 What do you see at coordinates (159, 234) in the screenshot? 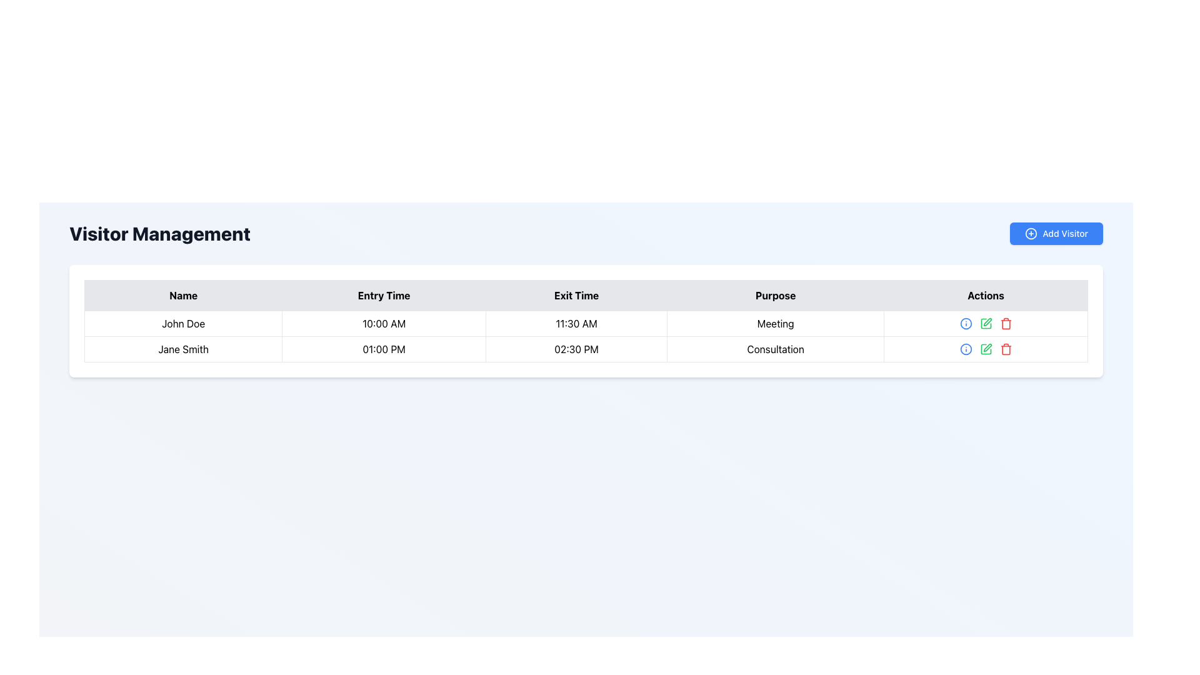
I see `the 'Visitor Management' text label which is styled in an extra bold and large font size, located at the top-left area of the interface` at bounding box center [159, 234].